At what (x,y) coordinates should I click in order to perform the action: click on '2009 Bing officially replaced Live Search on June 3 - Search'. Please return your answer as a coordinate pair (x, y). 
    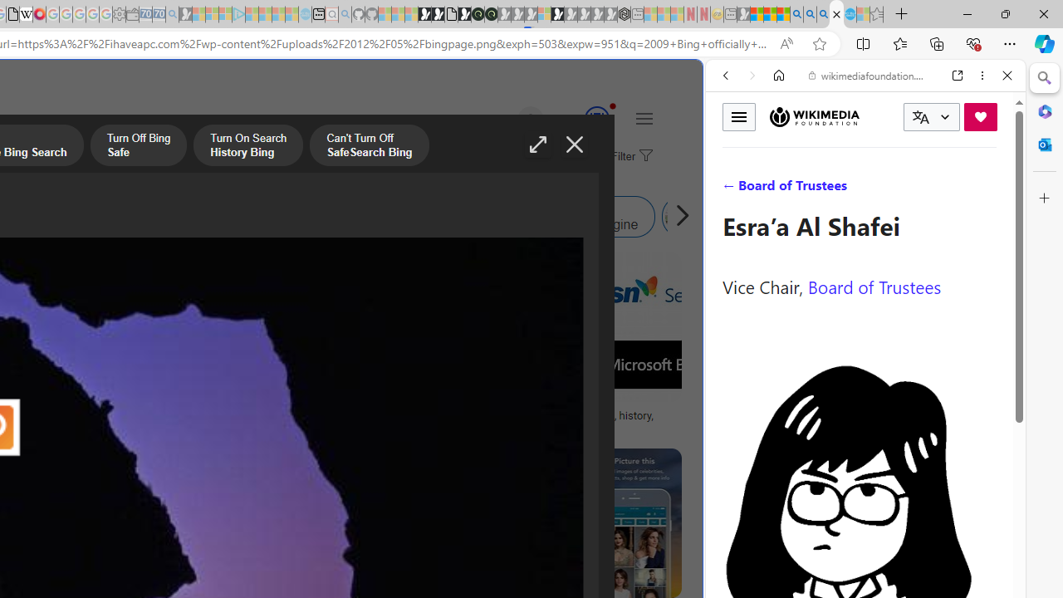
    Looking at the image, I should click on (810, 14).